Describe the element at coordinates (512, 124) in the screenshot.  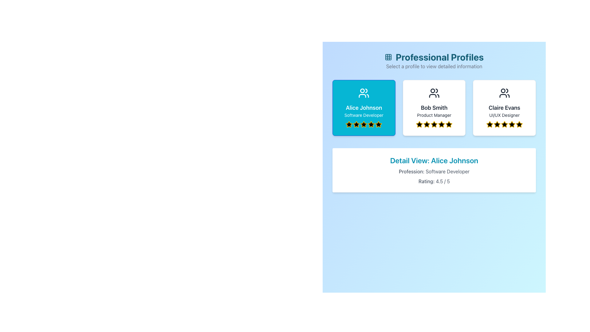
I see `the fifth star icon representing the rating mechanism for the 'Claire Evans' profile, located in the top right section of the interface` at that location.